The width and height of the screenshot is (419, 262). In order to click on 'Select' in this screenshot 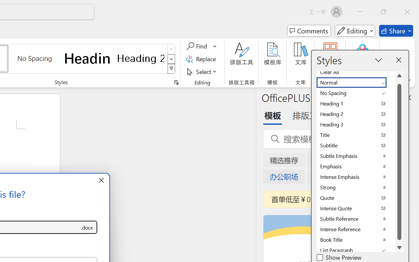, I will do `click(202, 71)`.